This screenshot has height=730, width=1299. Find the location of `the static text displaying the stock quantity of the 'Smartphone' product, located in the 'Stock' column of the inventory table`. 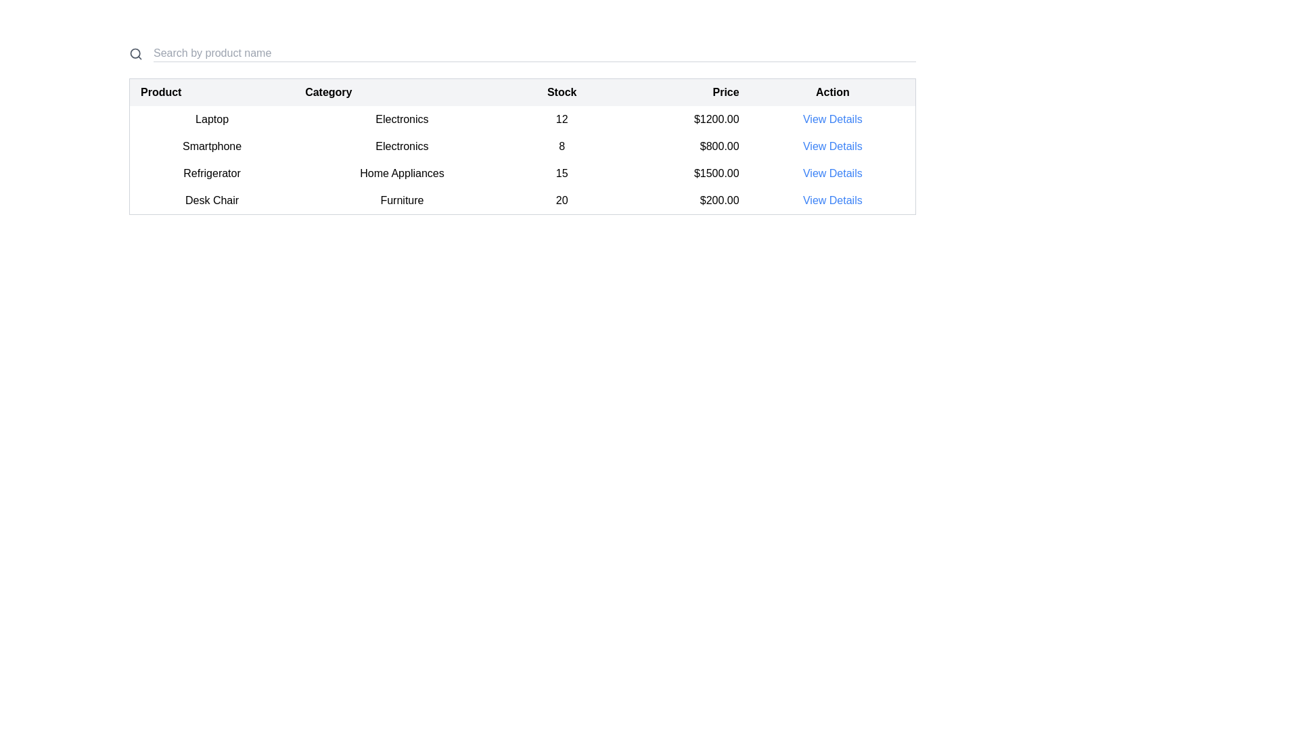

the static text displaying the stock quantity of the 'Smartphone' product, located in the 'Stock' column of the inventory table is located at coordinates (562, 146).